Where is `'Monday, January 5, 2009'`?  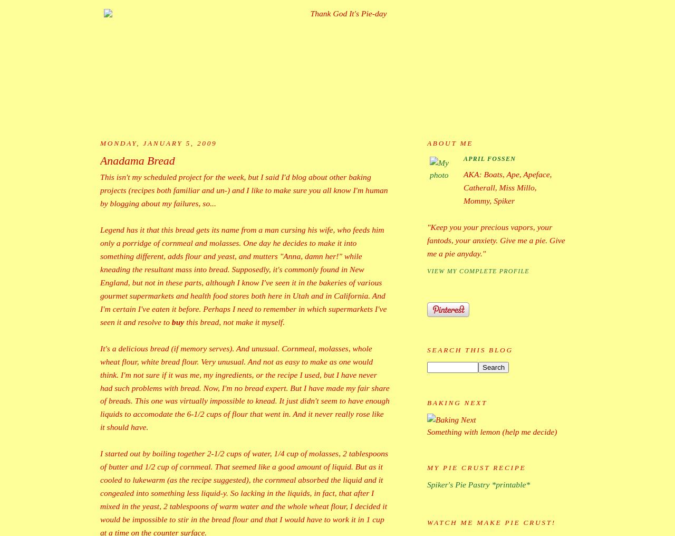 'Monday, January 5, 2009' is located at coordinates (158, 142).